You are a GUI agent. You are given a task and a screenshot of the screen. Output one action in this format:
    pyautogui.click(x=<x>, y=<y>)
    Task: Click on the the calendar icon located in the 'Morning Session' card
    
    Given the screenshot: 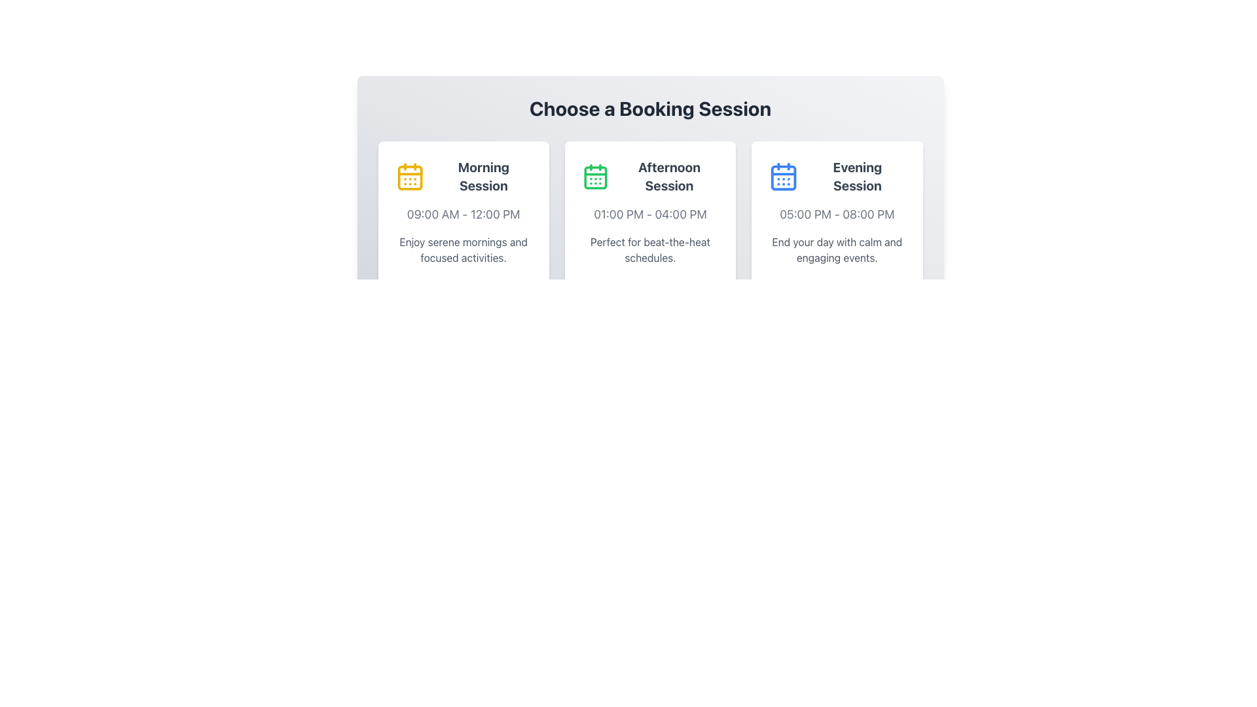 What is the action you would take?
    pyautogui.click(x=409, y=177)
    